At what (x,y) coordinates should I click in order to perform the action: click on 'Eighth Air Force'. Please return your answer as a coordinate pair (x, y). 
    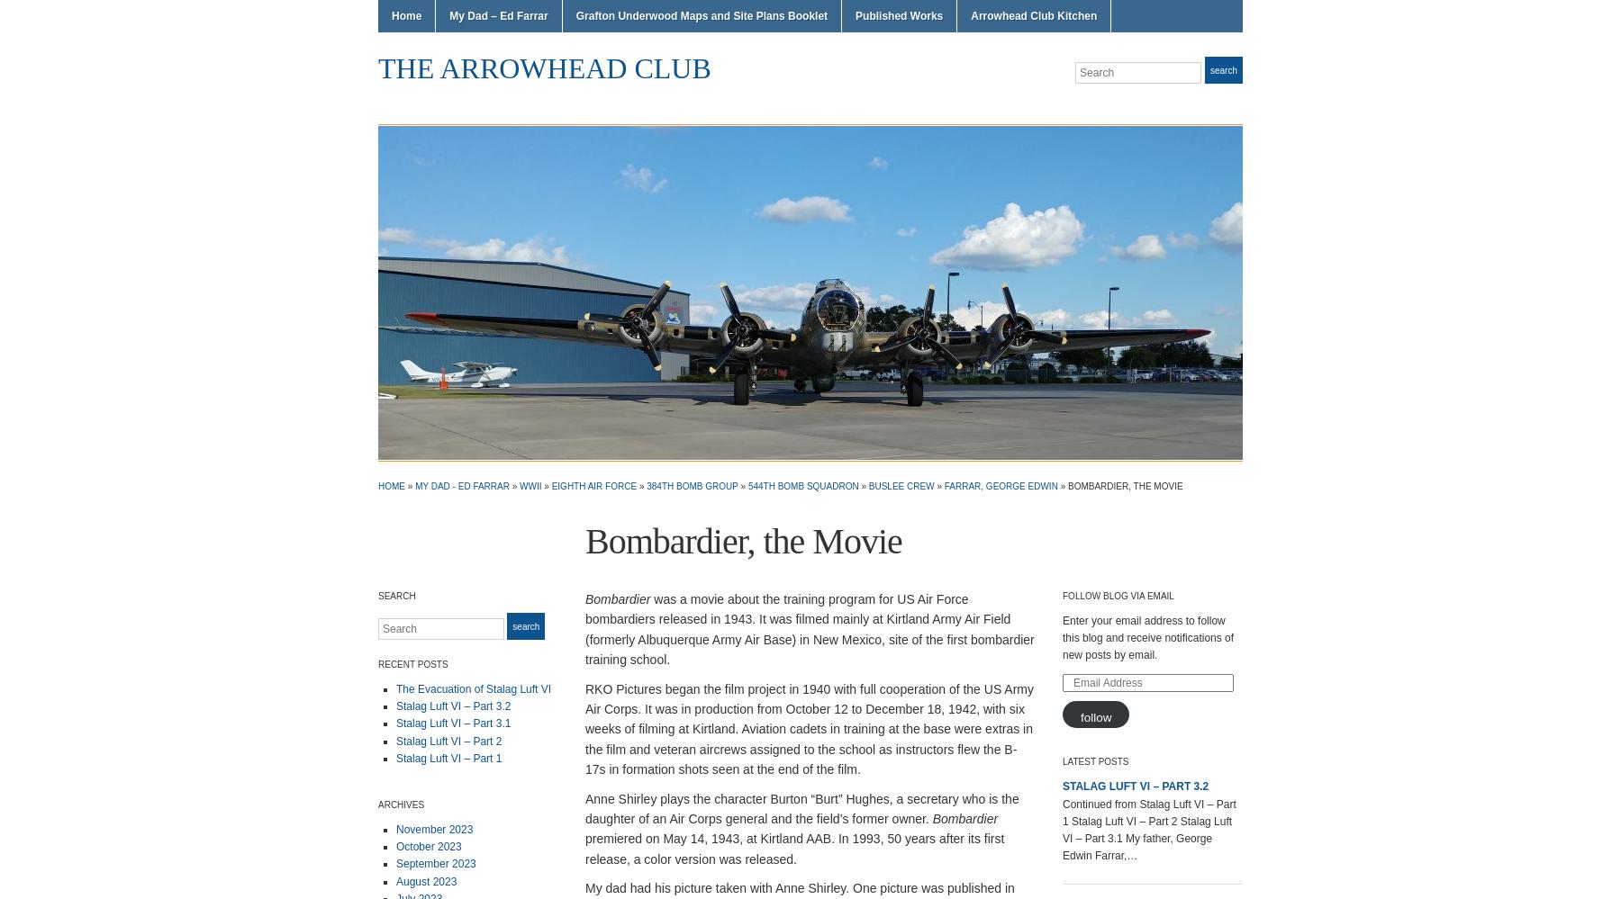
    Looking at the image, I should click on (551, 485).